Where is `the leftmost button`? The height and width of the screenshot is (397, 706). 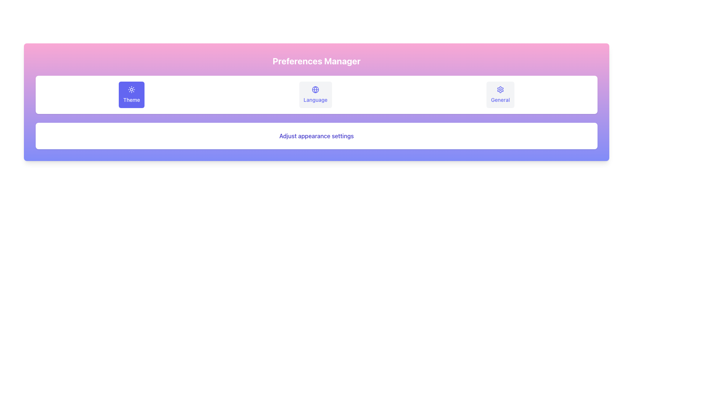
the leftmost button is located at coordinates (132, 94).